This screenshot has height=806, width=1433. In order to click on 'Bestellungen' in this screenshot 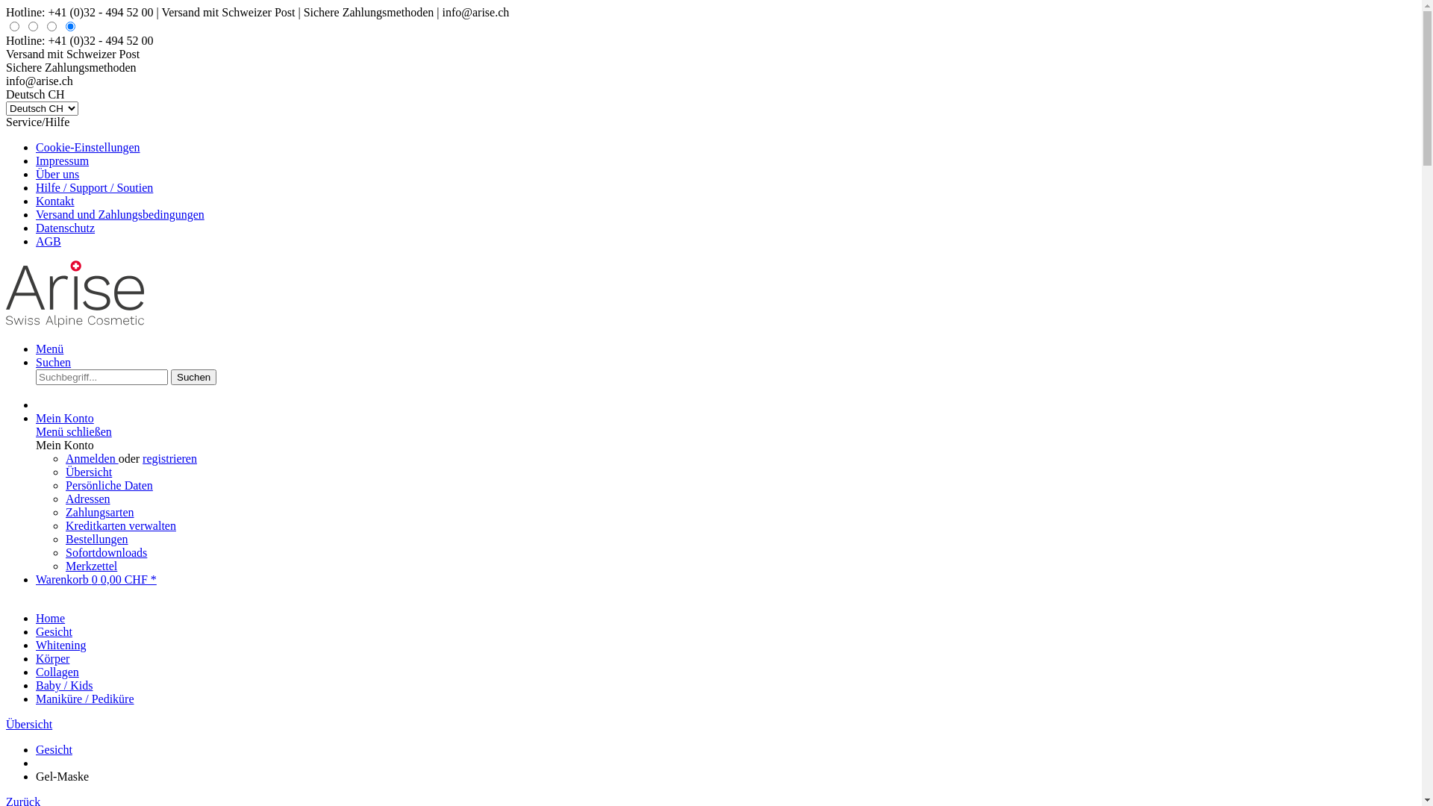, I will do `click(96, 539)`.